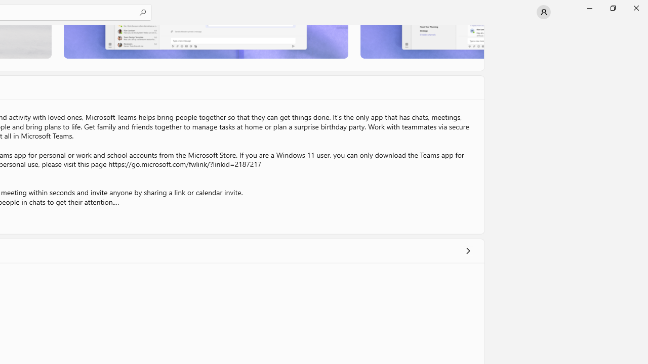 This screenshot has width=648, height=364. I want to click on 'Restore Microsoft Store', so click(612, 8).